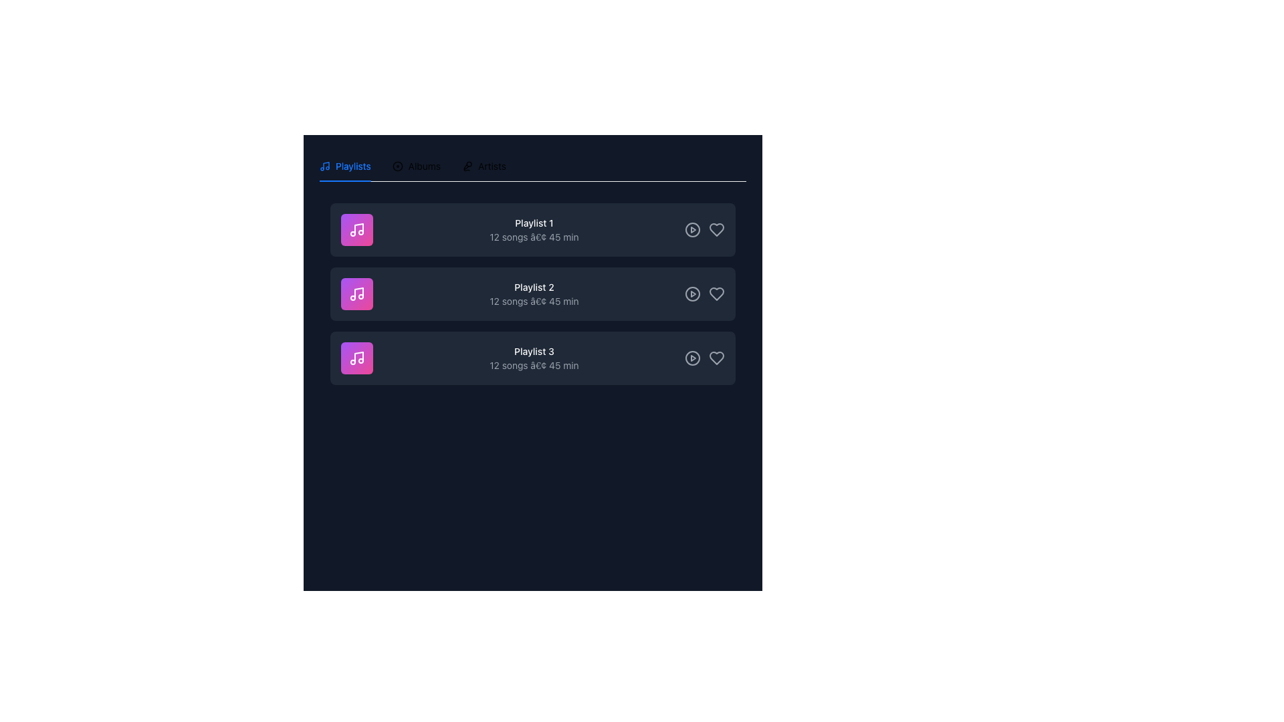 The width and height of the screenshot is (1284, 722). I want to click on the 'Playlists' icon, which is the leftmost element in the group associated with the 'Playlists' text, located near the top-left section of the interface, so click(324, 166).